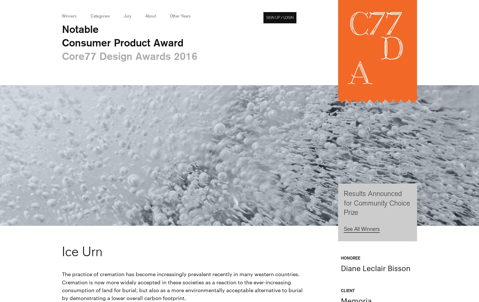 The height and width of the screenshot is (302, 479). Describe the element at coordinates (123, 42) in the screenshot. I see `'Consumer Product Award'` at that location.